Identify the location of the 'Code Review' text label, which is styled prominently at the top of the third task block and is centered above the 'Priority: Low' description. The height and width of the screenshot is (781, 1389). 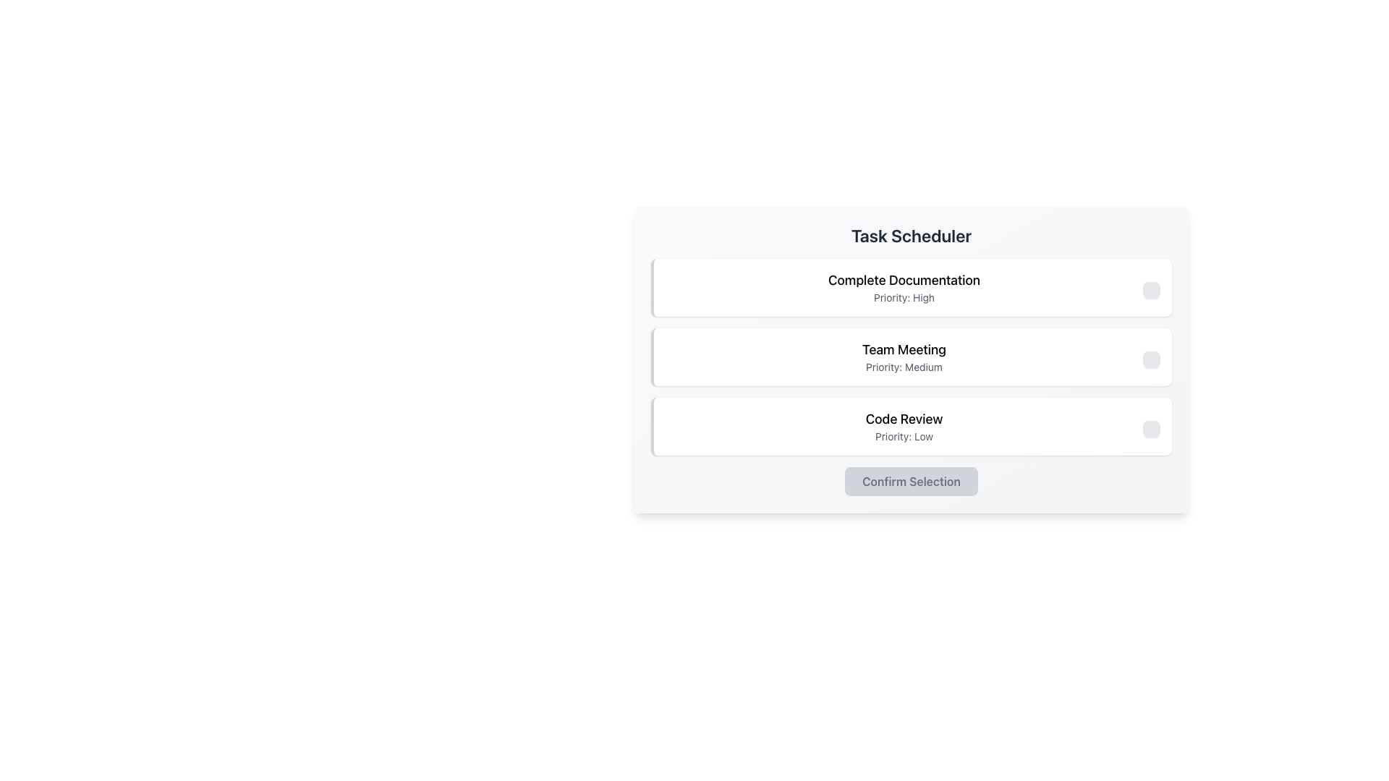
(903, 419).